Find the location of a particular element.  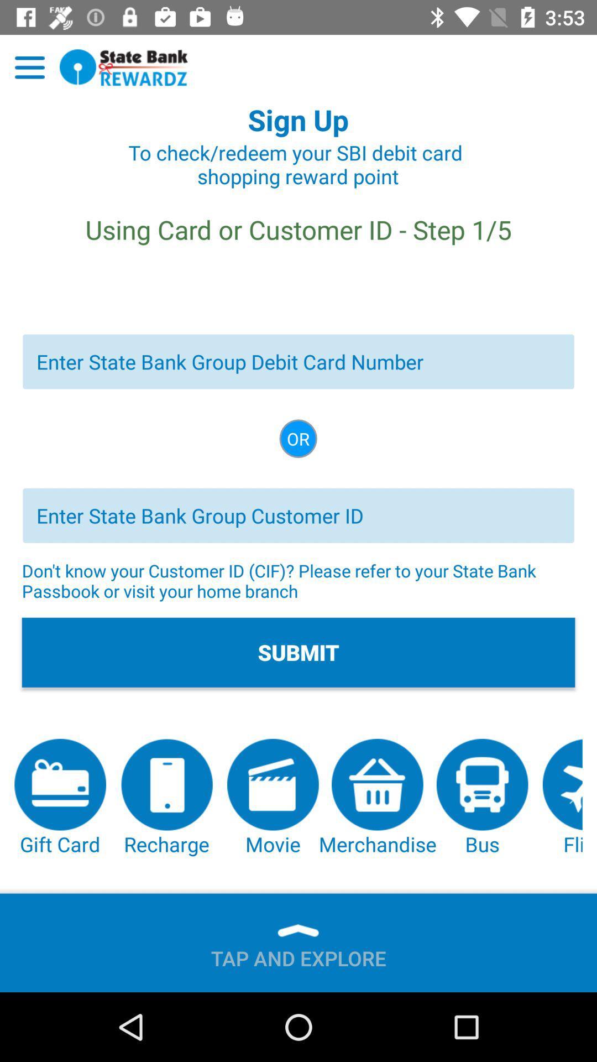

information is located at coordinates (298, 515).